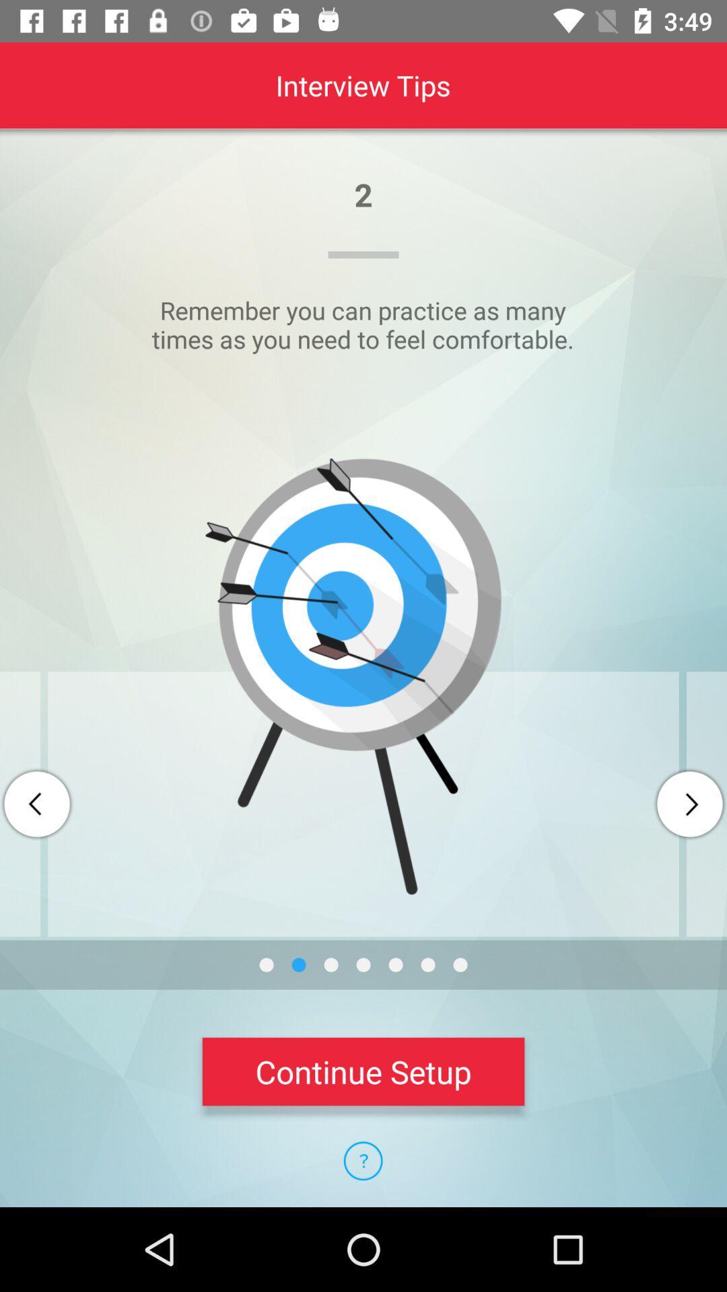 The height and width of the screenshot is (1292, 727). What do you see at coordinates (689, 804) in the screenshot?
I see `the arrow_forward icon` at bounding box center [689, 804].